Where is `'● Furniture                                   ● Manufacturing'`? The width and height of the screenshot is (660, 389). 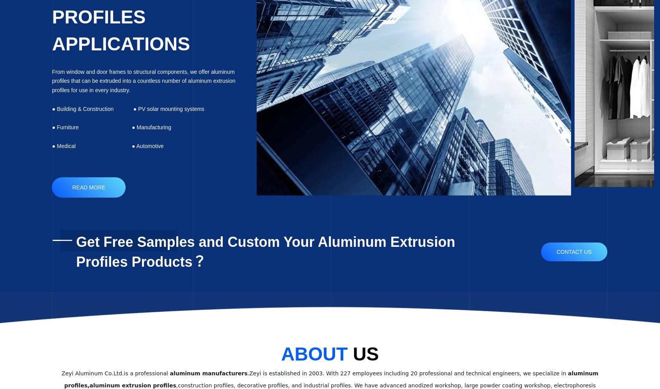
'● Furniture                                   ● Manufacturing' is located at coordinates (111, 127).